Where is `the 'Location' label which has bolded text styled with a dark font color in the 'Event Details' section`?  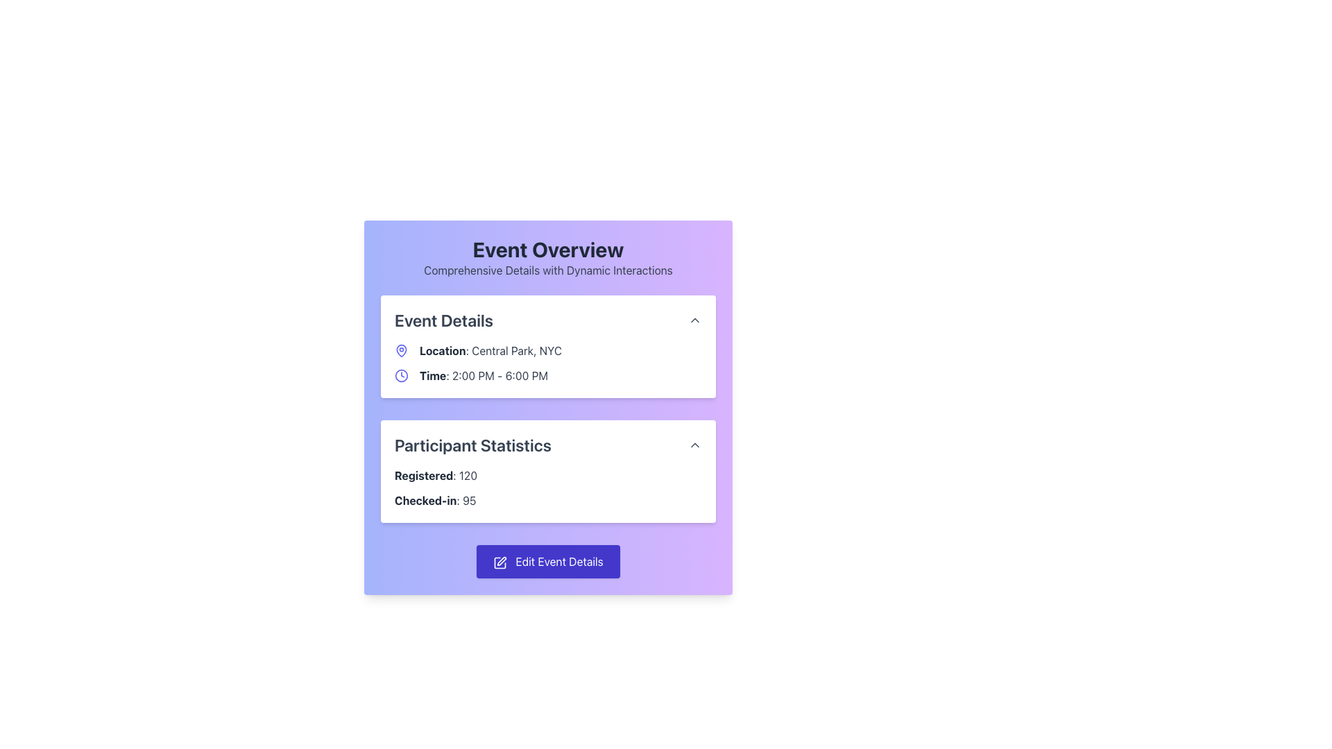
the 'Location' label which has bolded text styled with a dark font color in the 'Event Details' section is located at coordinates (442, 350).